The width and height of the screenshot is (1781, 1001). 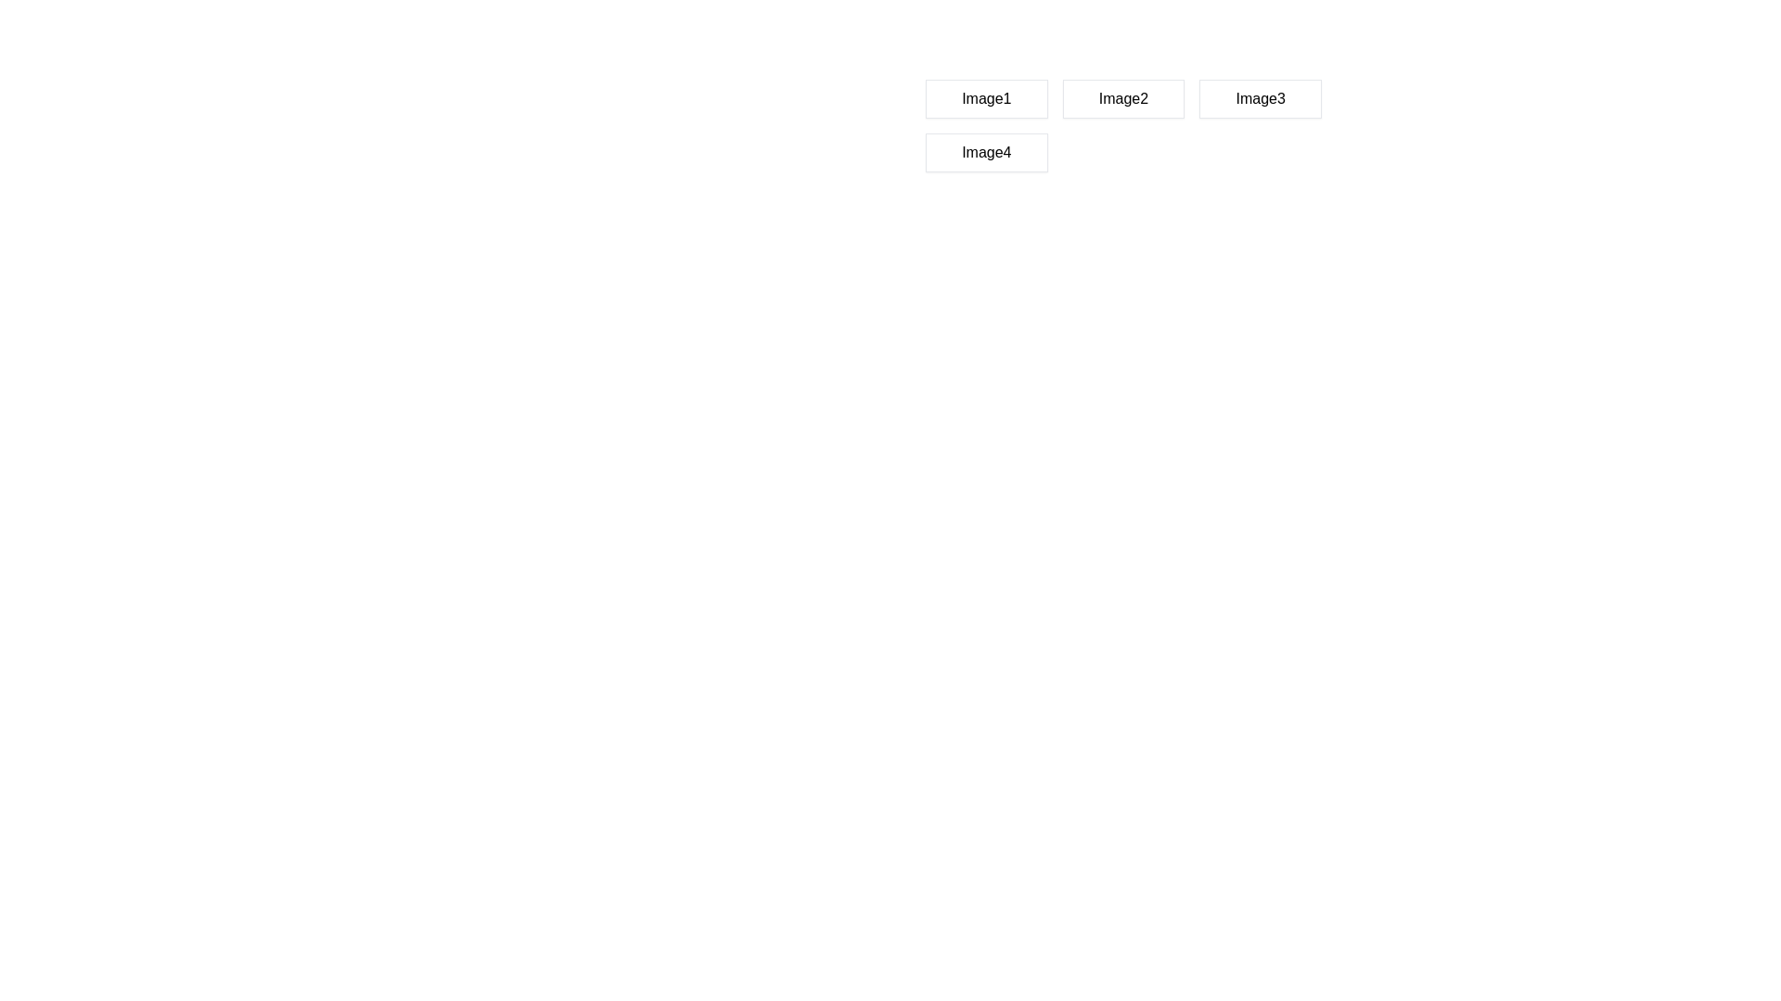 I want to click on the button labeled 'Image3' which is a rectangular box with a white background and a light gray border, positioned in the first row of a grid layout, so click(x=1261, y=99).